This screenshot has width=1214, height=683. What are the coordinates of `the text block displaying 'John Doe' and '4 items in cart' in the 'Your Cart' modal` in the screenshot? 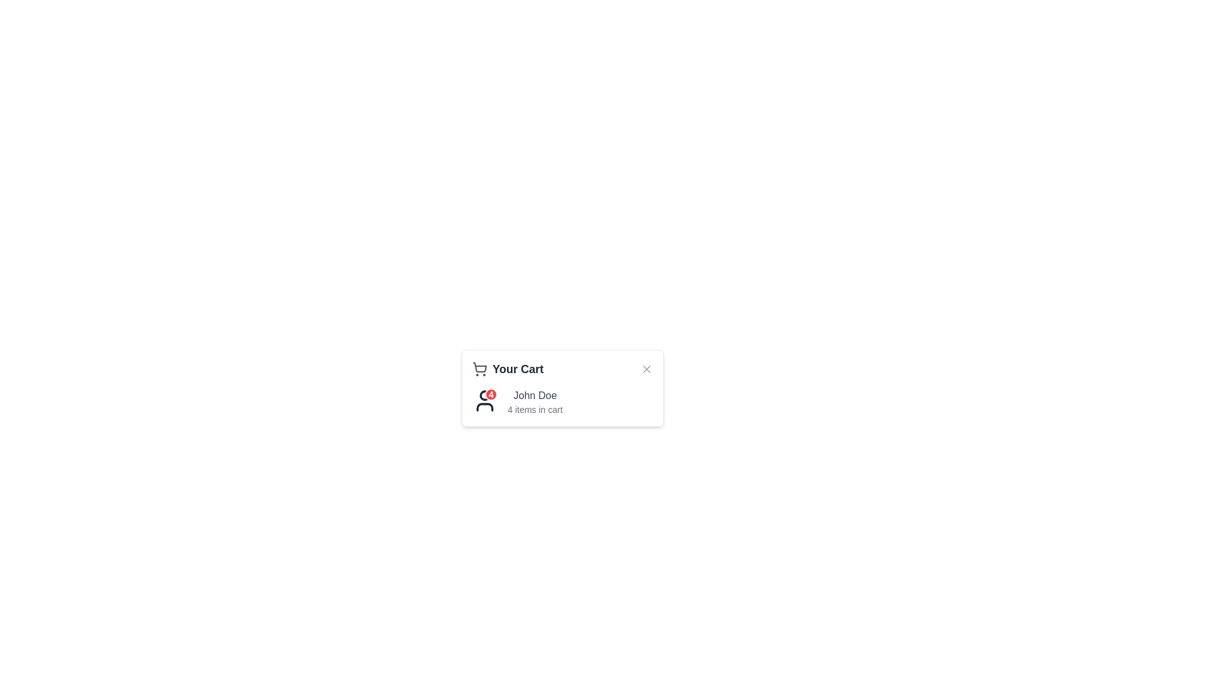 It's located at (535, 402).